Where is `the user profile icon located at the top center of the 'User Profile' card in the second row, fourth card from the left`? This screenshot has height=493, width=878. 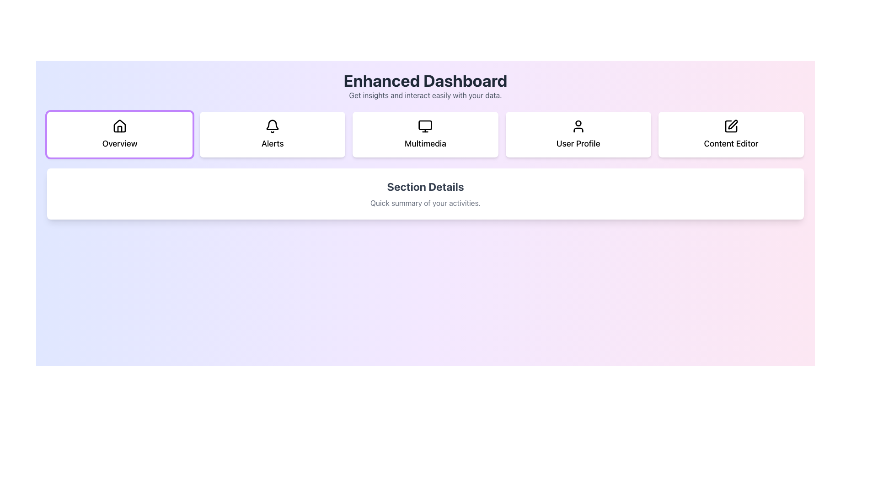 the user profile icon located at the top center of the 'User Profile' card in the second row, fourth card from the left is located at coordinates (578, 126).